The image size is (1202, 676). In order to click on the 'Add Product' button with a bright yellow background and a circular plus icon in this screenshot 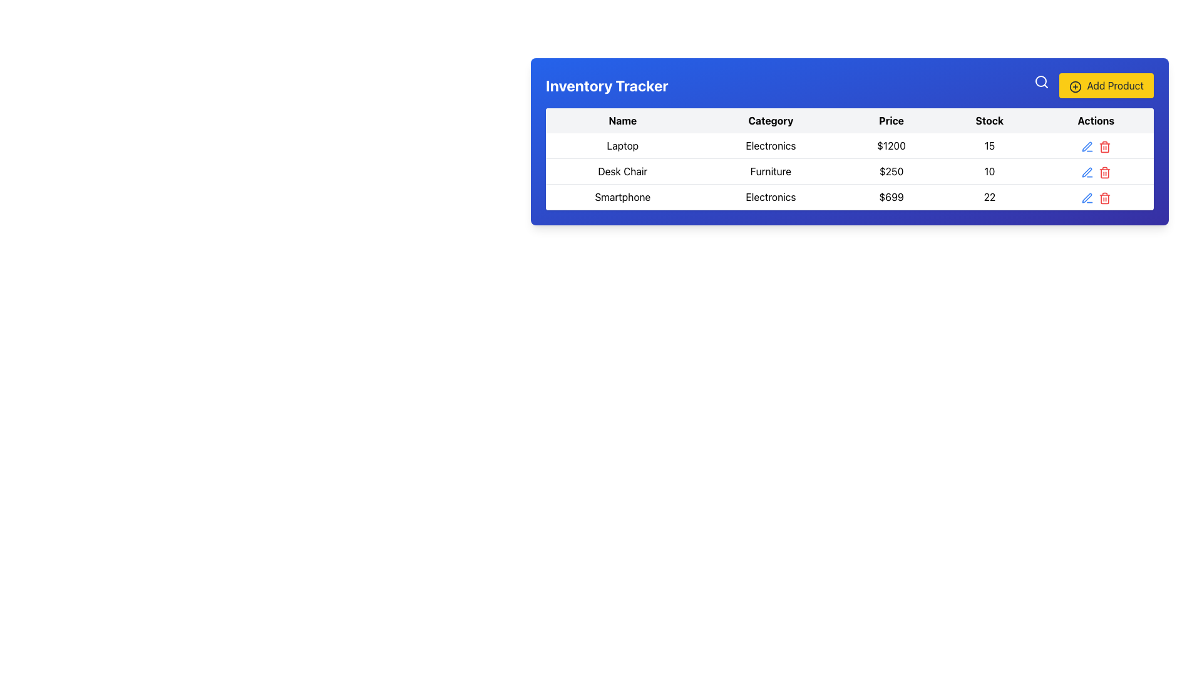, I will do `click(1106, 85)`.